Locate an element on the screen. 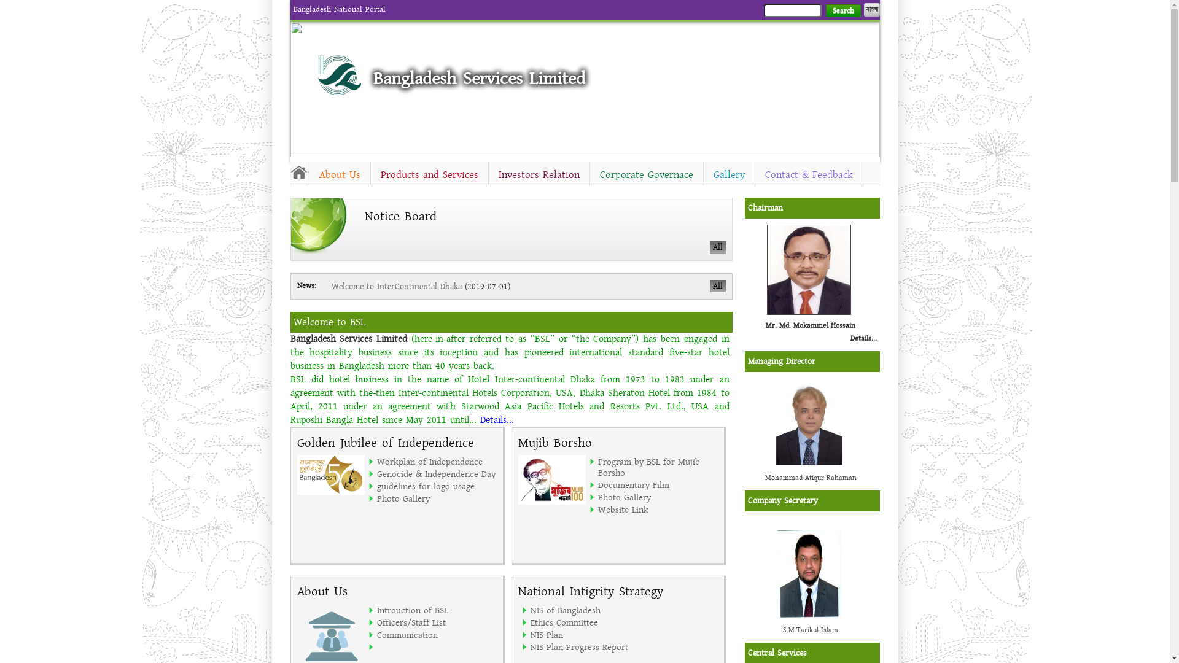  'Workplan of Independence' is located at coordinates (437, 462).